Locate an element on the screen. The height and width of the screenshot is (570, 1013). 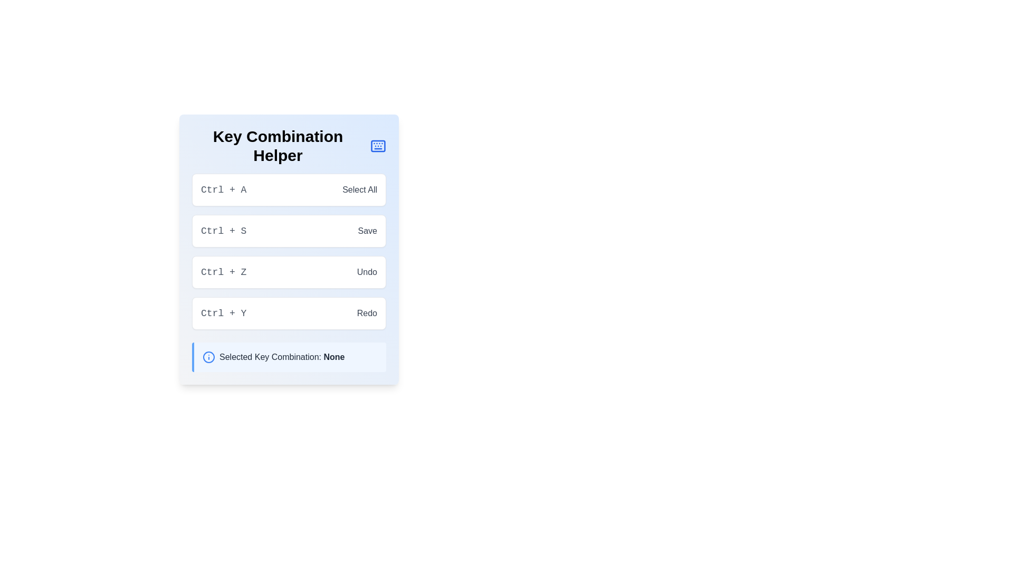
the text label that indicates the keyboard shortcut 'Ctrl + Z' for the undo command, located within the Key Combination Helper modal is located at coordinates (223, 272).